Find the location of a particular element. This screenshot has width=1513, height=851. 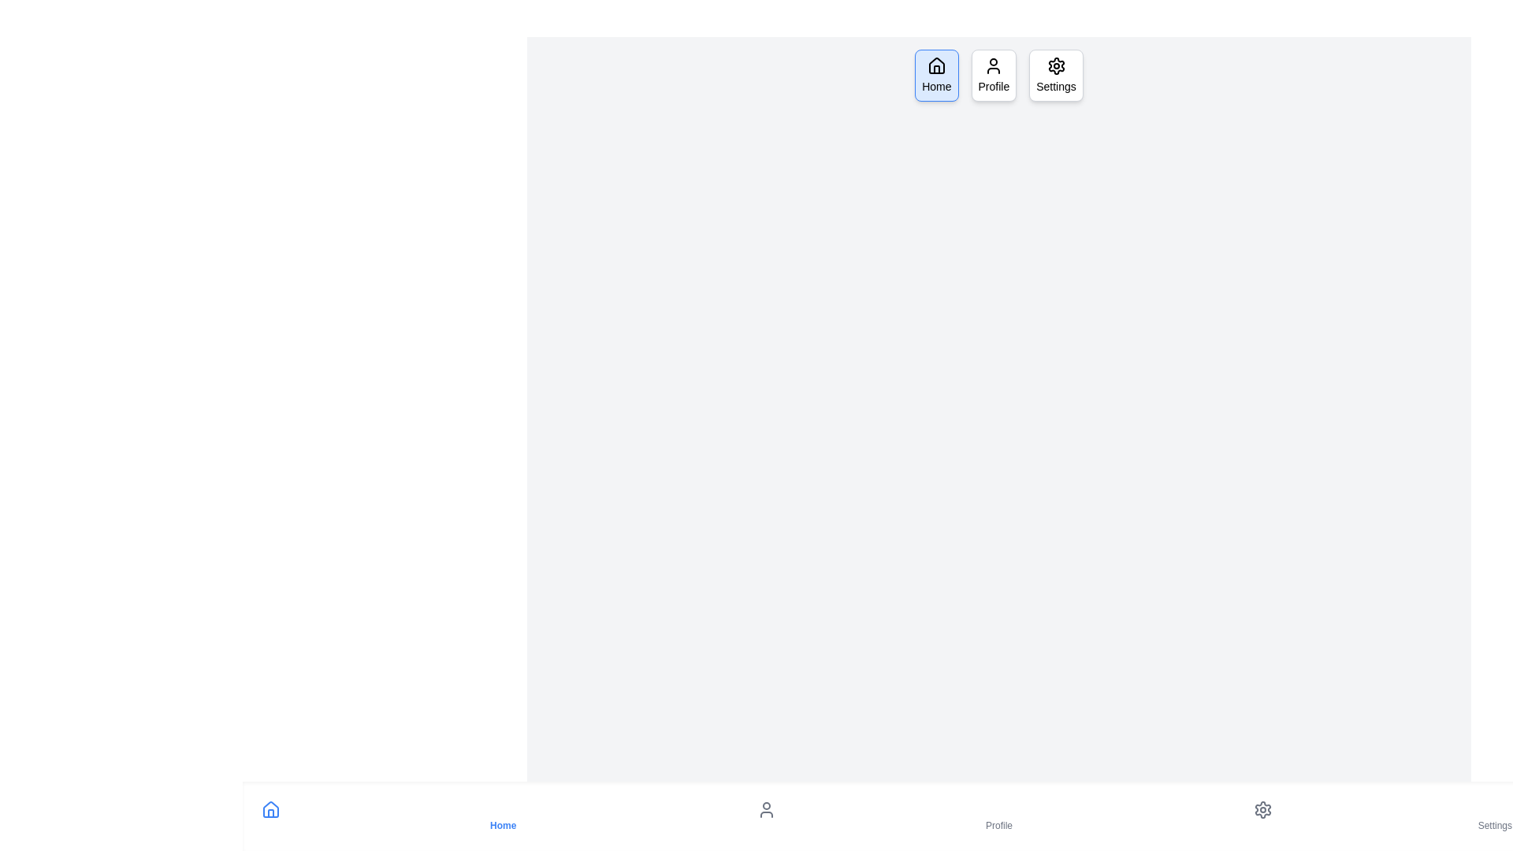

the 'Home' text label styled in blue and bold, located in the bottom-center navigation bar next to the house icon is located at coordinates (502, 825).